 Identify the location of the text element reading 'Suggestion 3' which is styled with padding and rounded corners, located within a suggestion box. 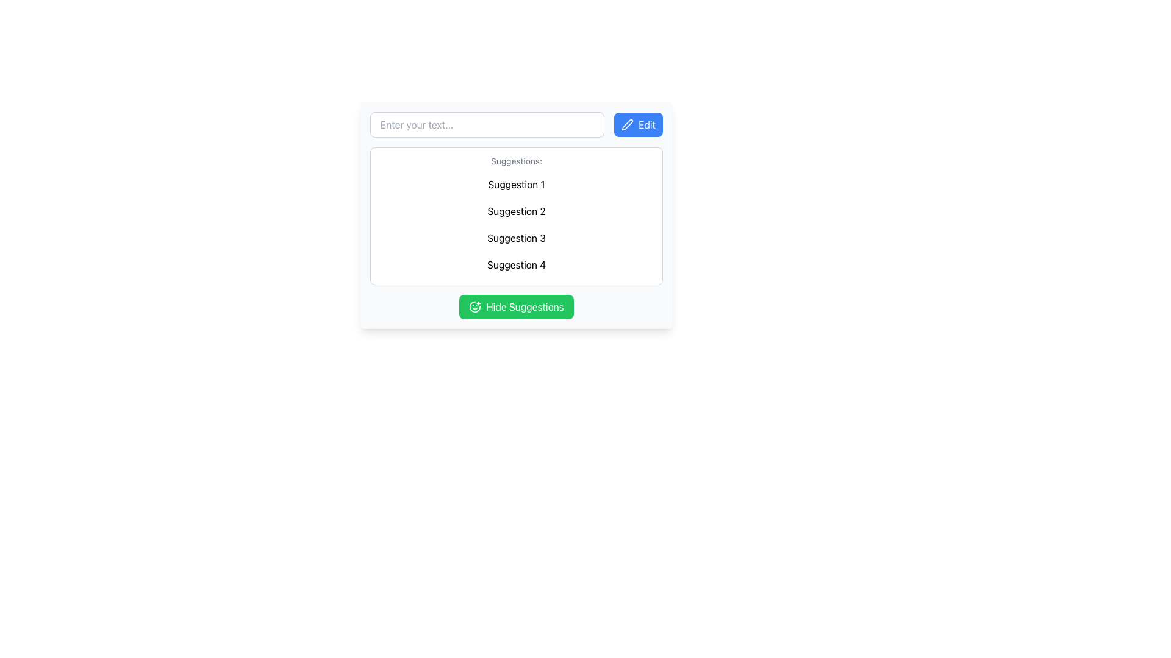
(516, 238).